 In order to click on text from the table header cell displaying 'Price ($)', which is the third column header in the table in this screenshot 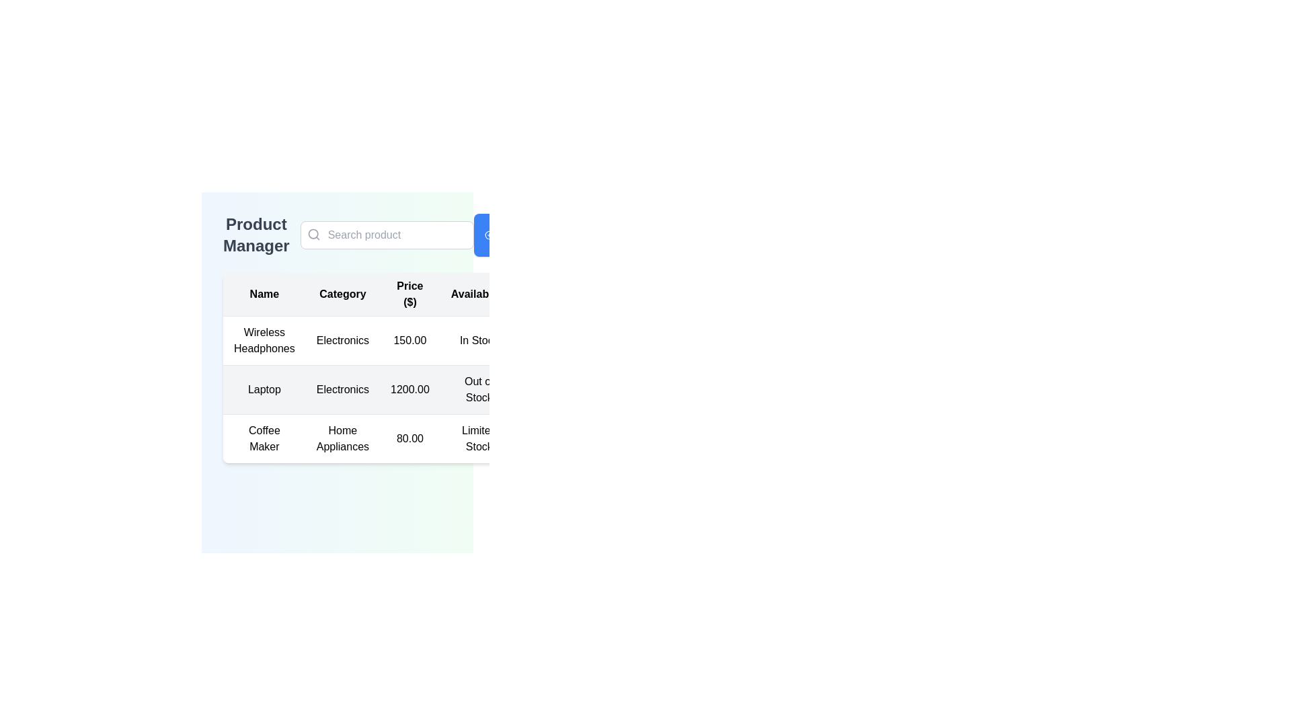, I will do `click(409, 294)`.